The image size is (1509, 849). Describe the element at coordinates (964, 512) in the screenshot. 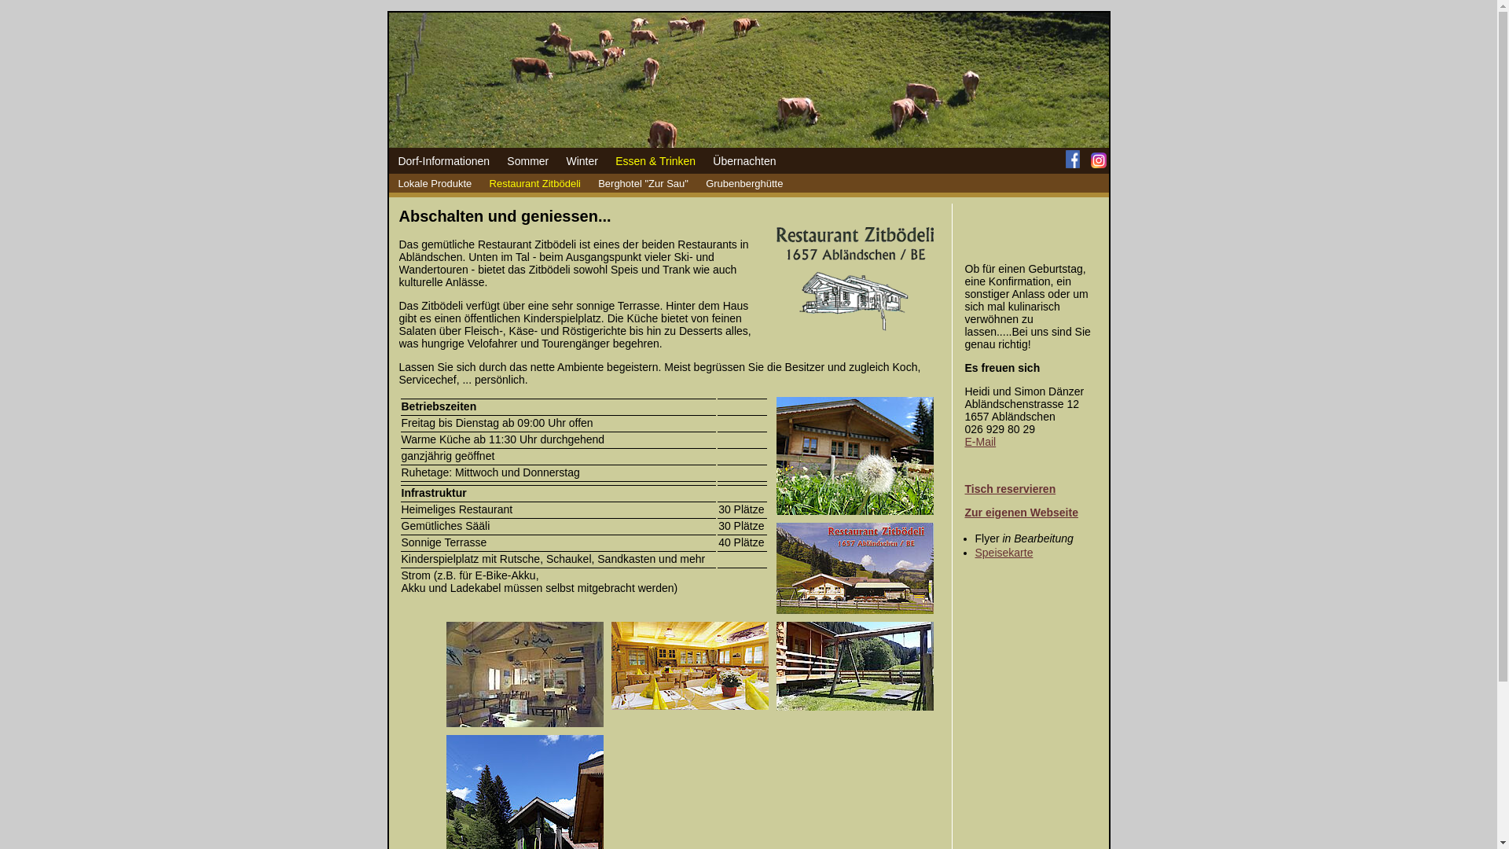

I see `'Zur eigenen Webseite'` at that location.